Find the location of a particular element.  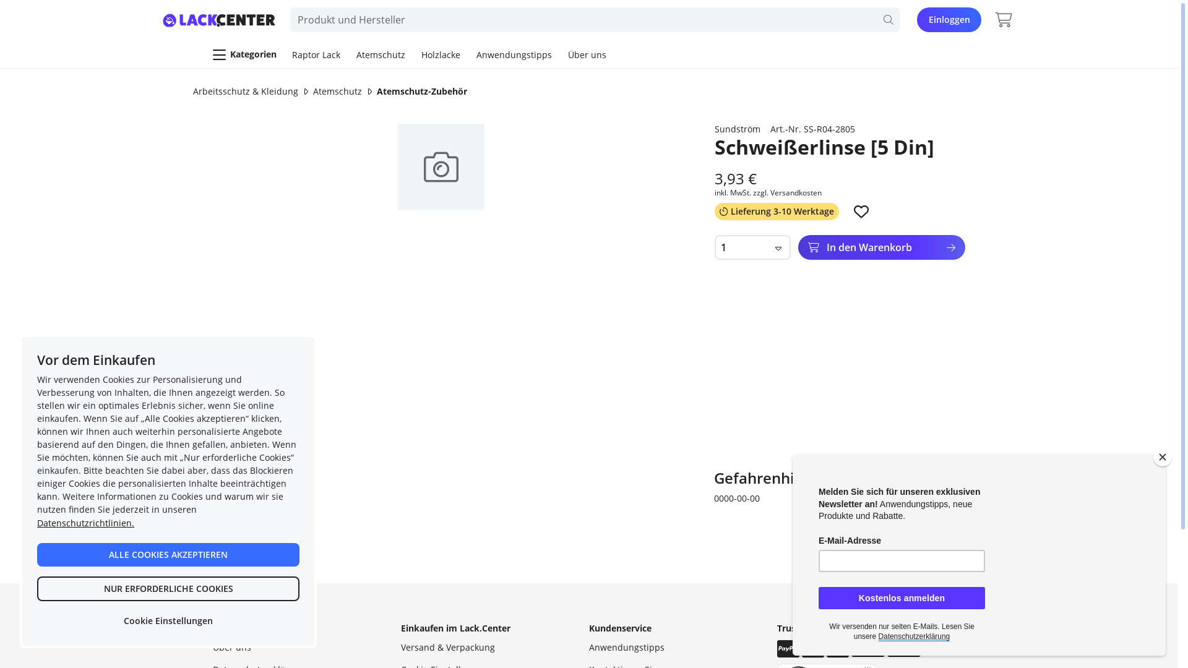

'Auf die Merkliste' is located at coordinates (853, 211).